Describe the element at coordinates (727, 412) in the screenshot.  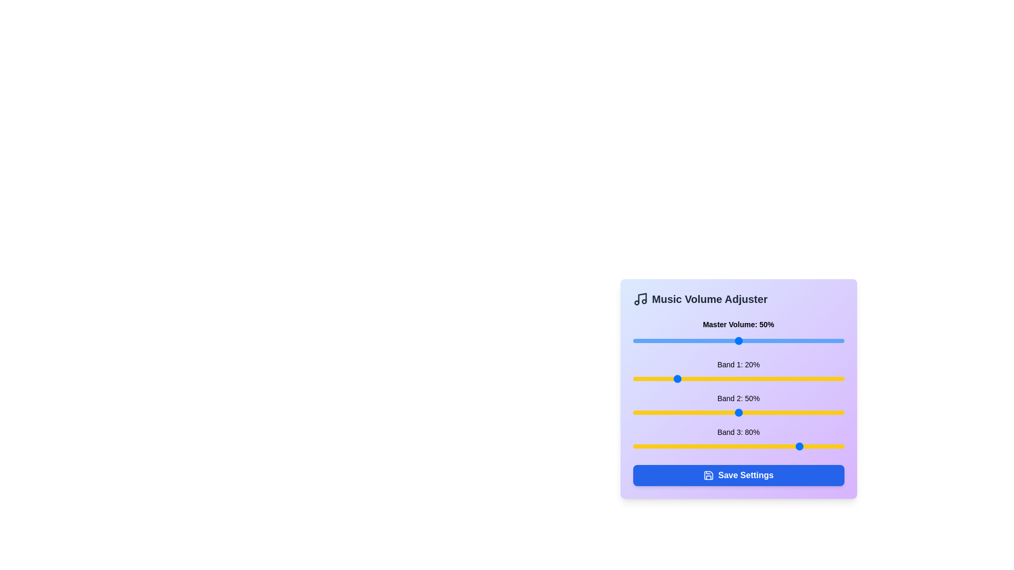
I see `'Band 2' value` at that location.